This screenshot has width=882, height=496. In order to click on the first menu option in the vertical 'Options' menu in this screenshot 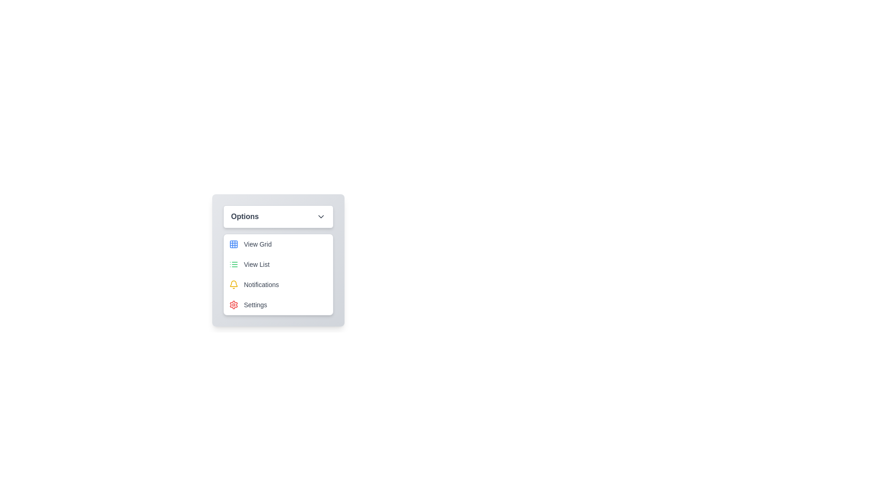, I will do `click(277, 244)`.